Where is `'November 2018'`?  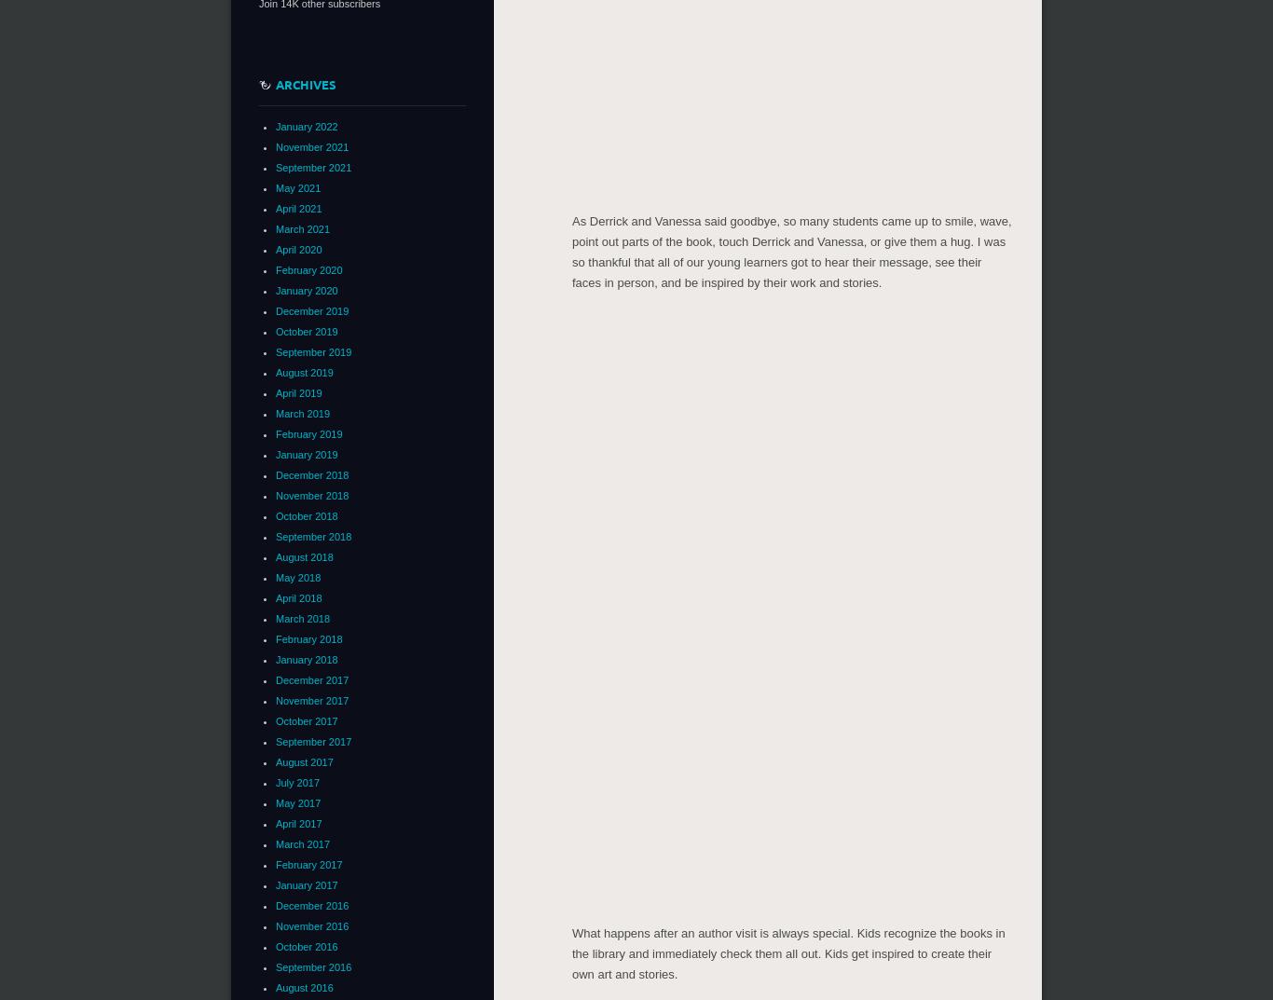
'November 2018' is located at coordinates (311, 494).